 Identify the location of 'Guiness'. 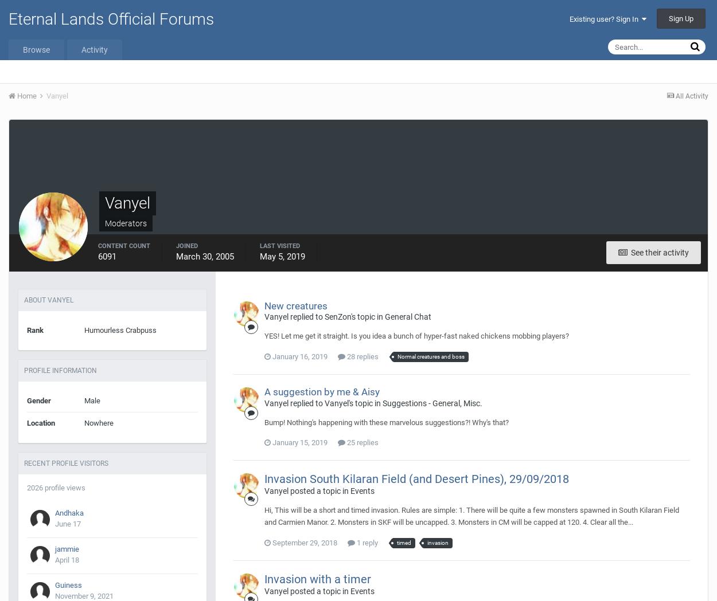
(68, 585).